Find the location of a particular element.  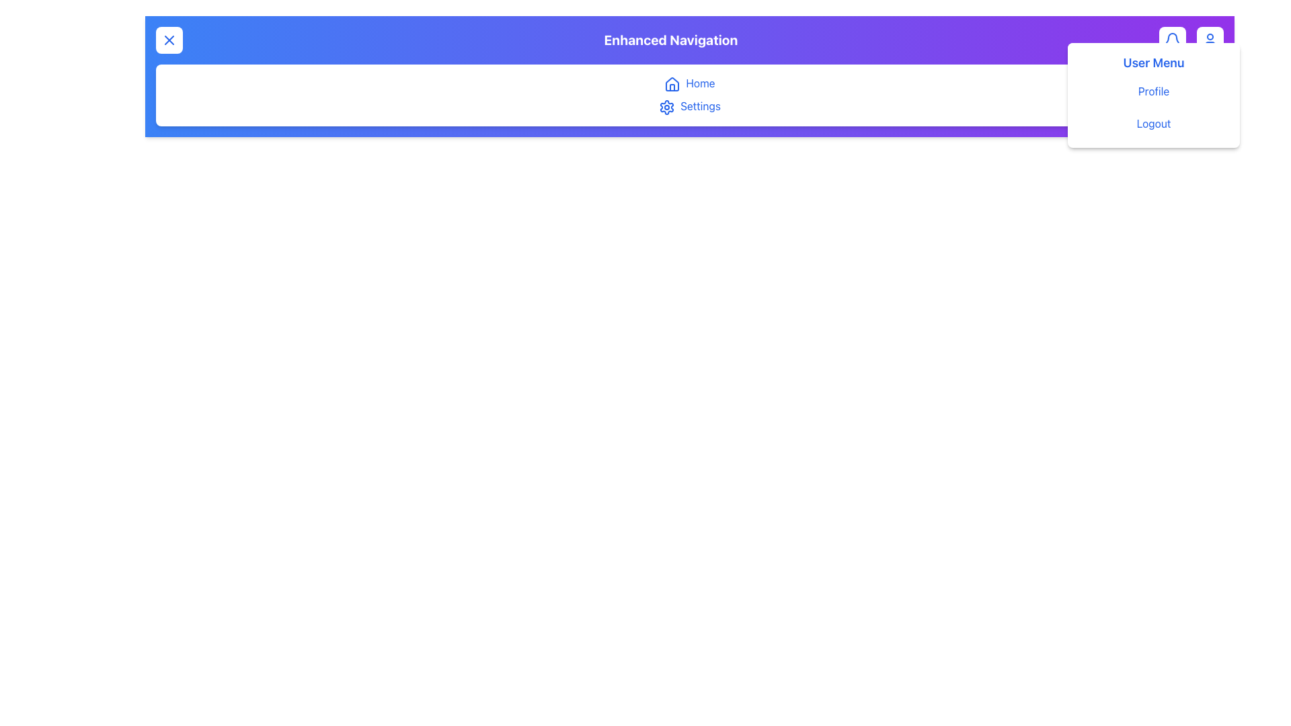

the distinct 'X'-shaped icon button with blue strokes, located in the upper-left corner of the blue navigation bar is located at coordinates (169, 40).